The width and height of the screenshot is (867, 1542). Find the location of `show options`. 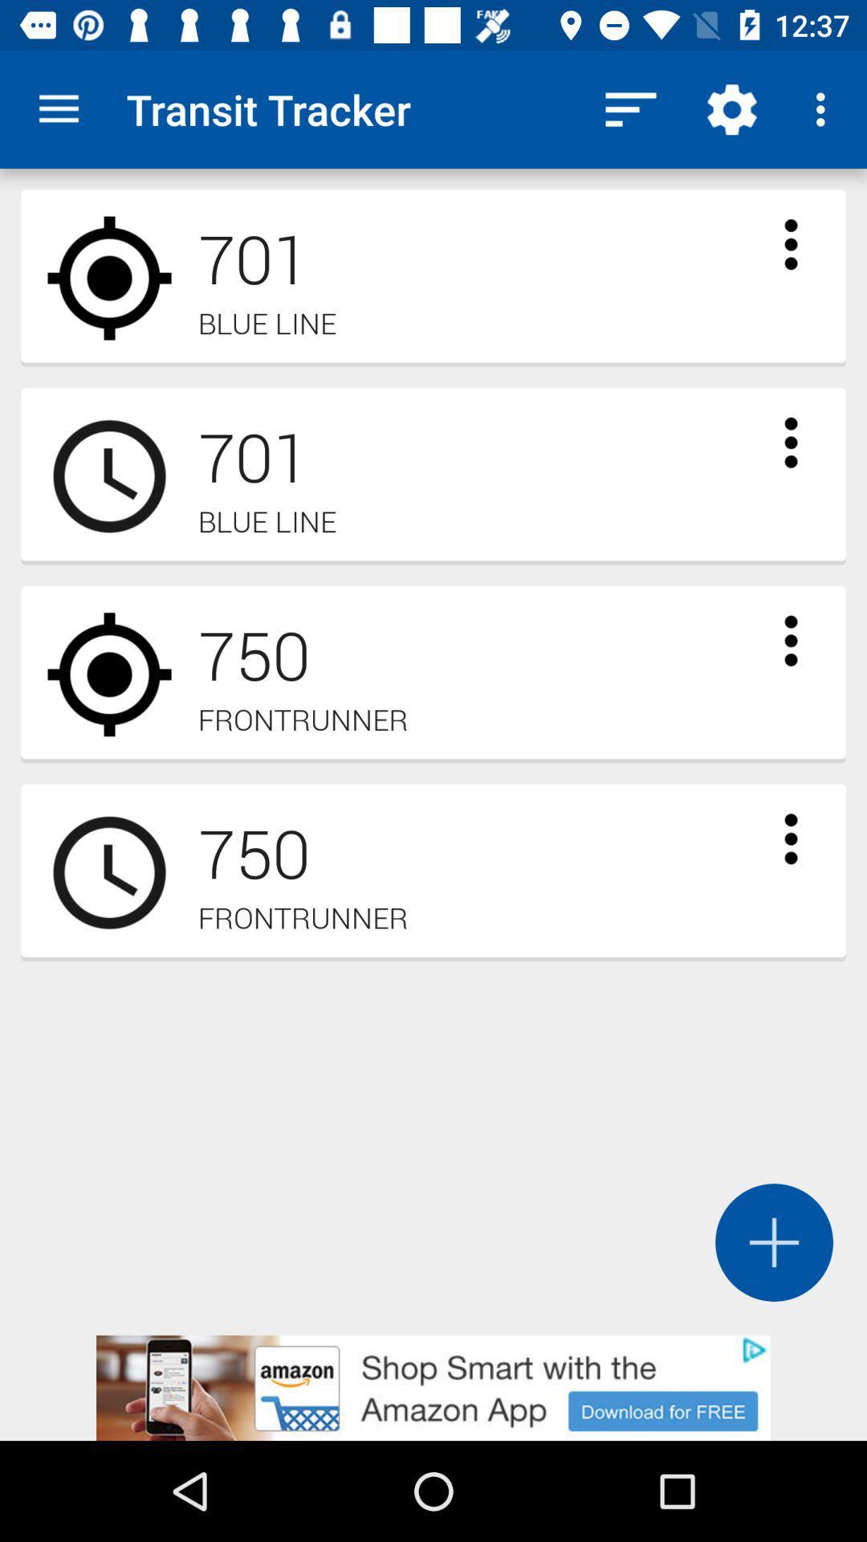

show options is located at coordinates (790, 639).